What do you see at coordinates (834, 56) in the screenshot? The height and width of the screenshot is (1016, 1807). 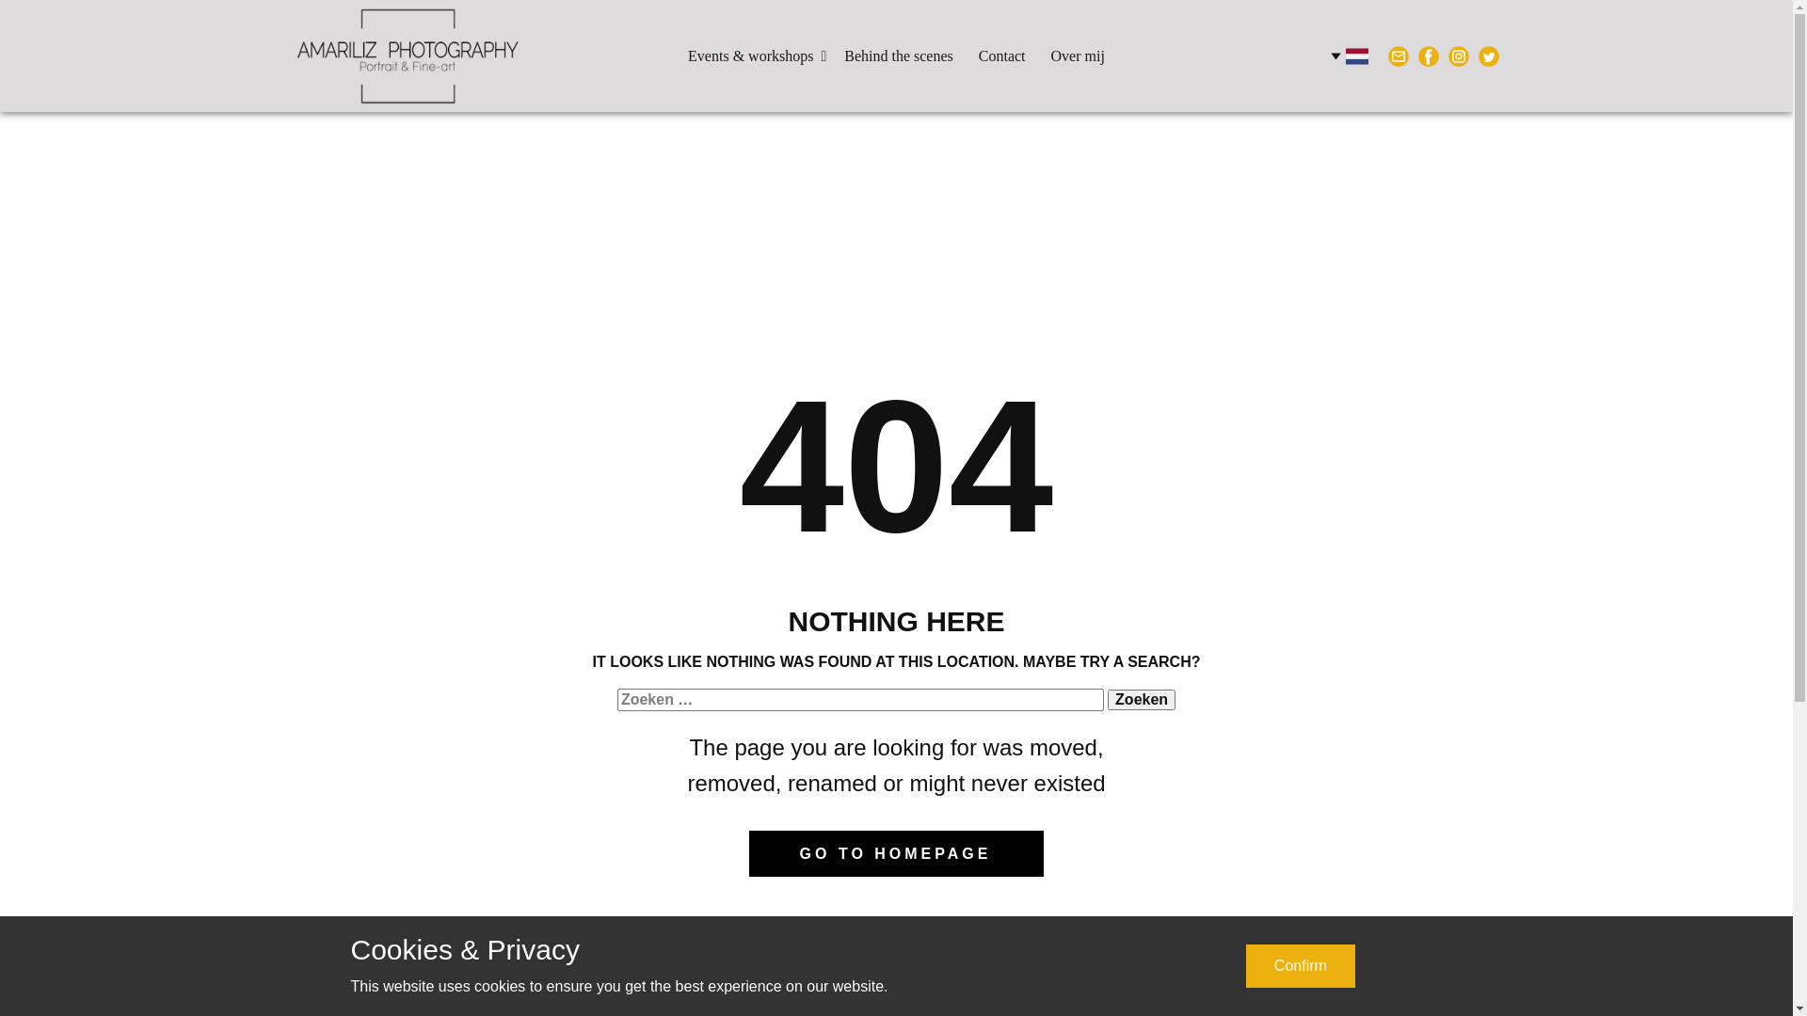 I see `'Behind the scenes'` at bounding box center [834, 56].